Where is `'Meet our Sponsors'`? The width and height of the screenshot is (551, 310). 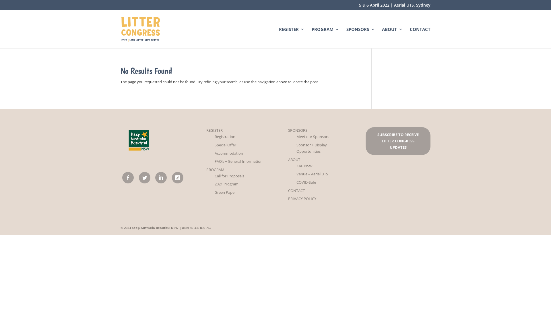
'Meet our Sponsors' is located at coordinates (312, 136).